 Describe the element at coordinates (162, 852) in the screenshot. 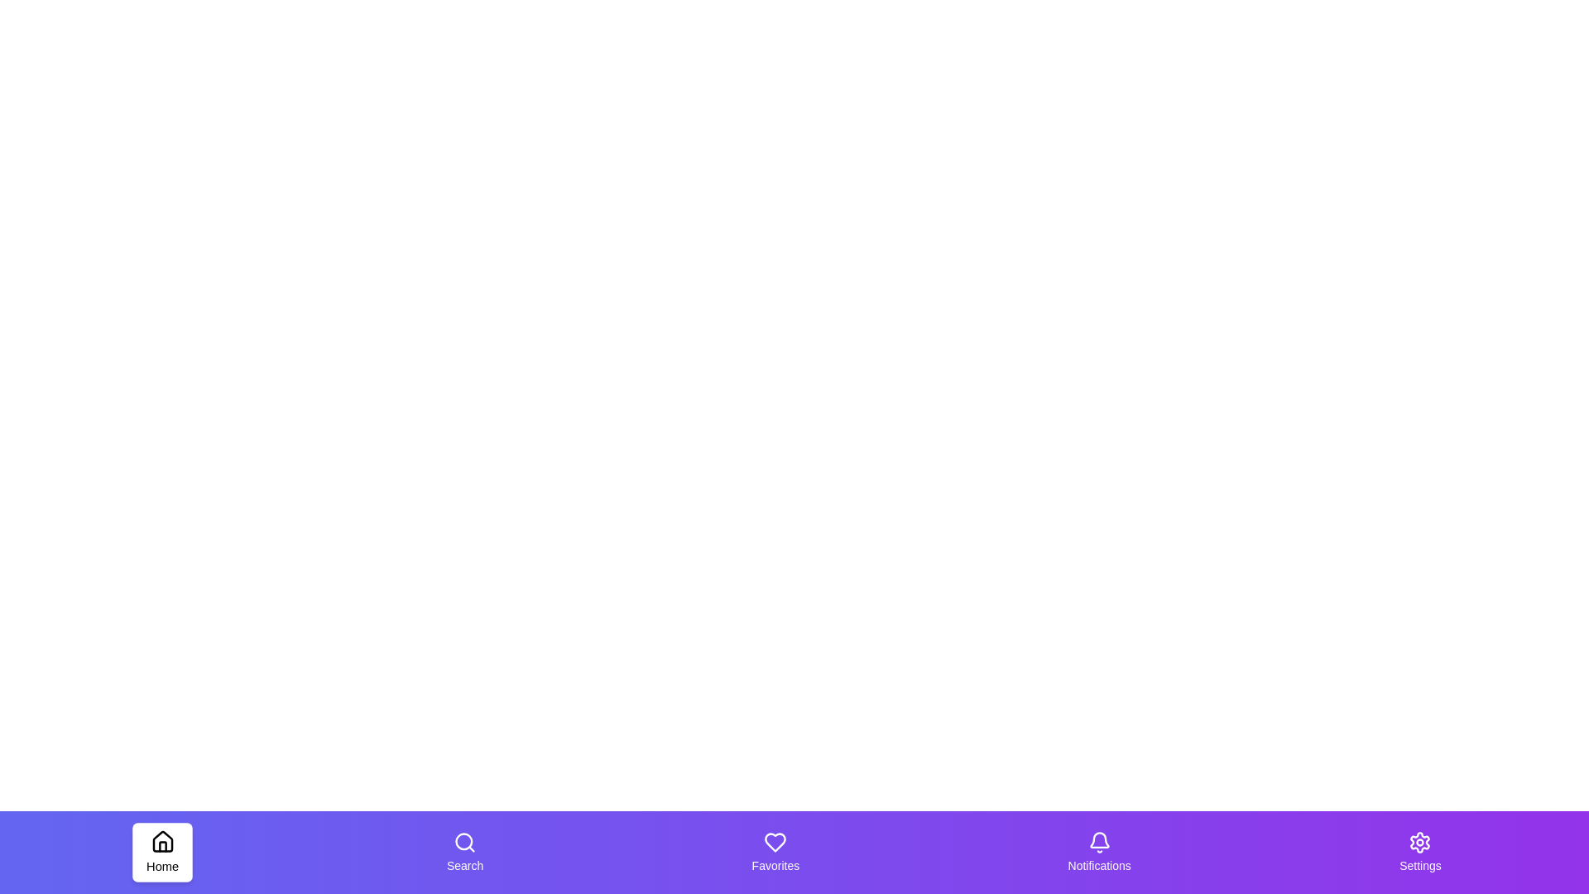

I see `the tab labeled Home to trigger its hover effect` at that location.